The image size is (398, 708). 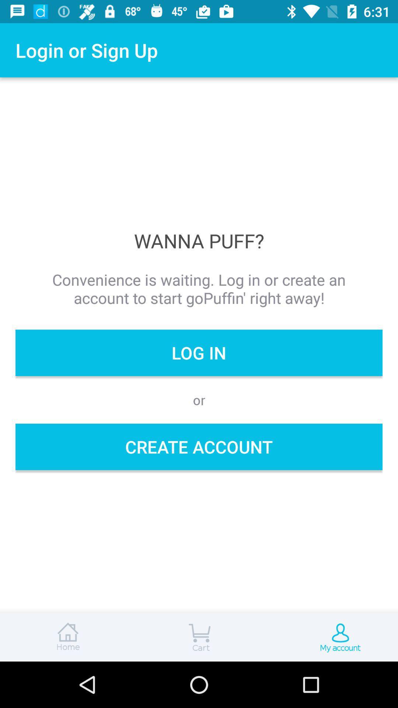 What do you see at coordinates (331, 637) in the screenshot?
I see `my account` at bounding box center [331, 637].